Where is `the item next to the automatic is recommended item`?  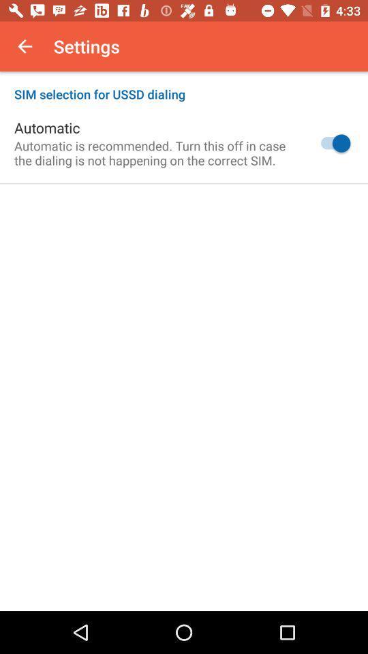
the item next to the automatic is recommended item is located at coordinates (331, 143).